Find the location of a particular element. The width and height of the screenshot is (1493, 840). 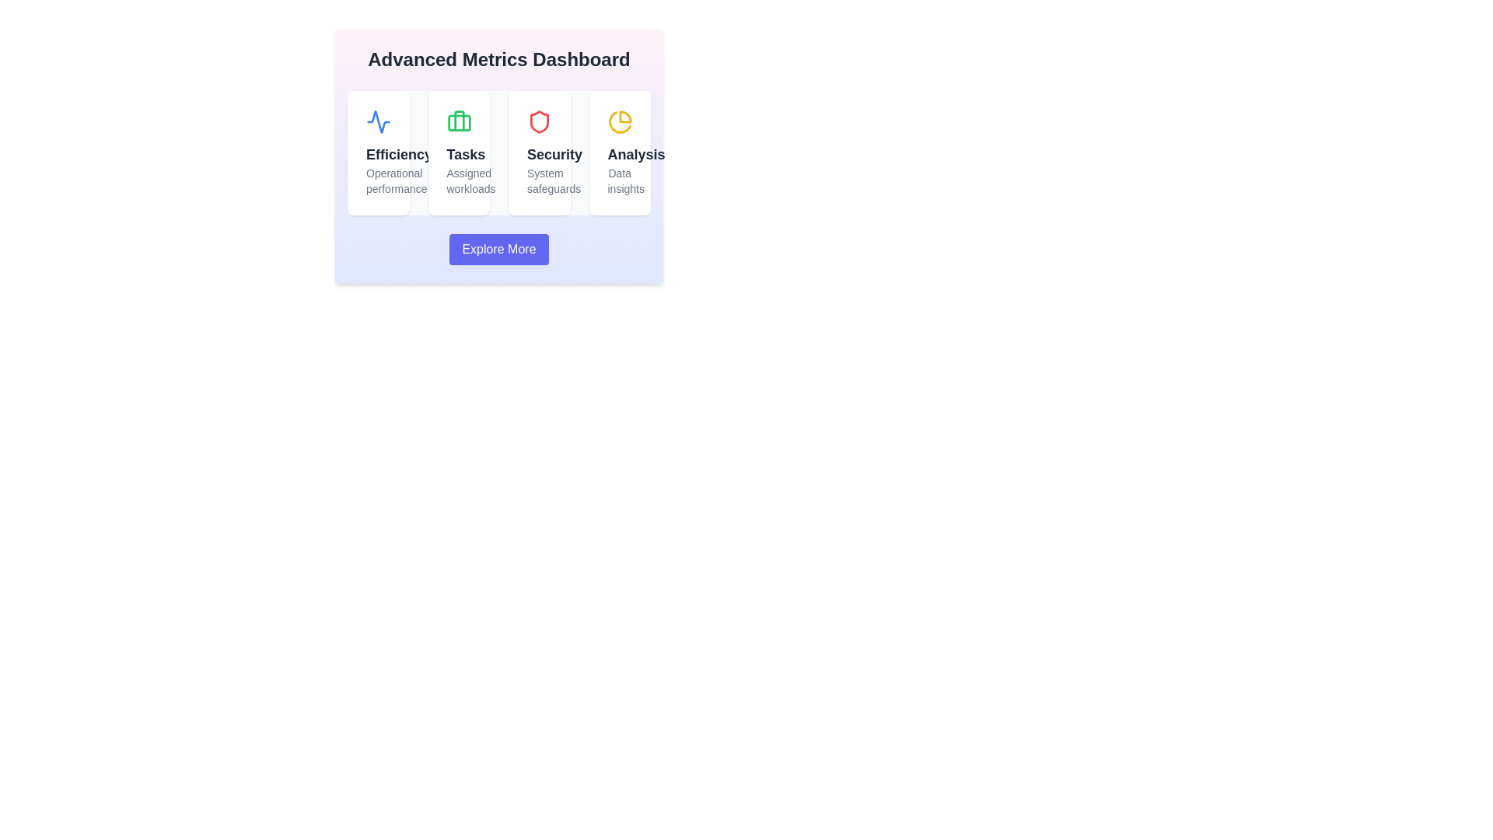

the pie chart segment icon with a yellow outline located in the fourth section of the interactive dashboard under the 'Analysis' section is located at coordinates (625, 116).